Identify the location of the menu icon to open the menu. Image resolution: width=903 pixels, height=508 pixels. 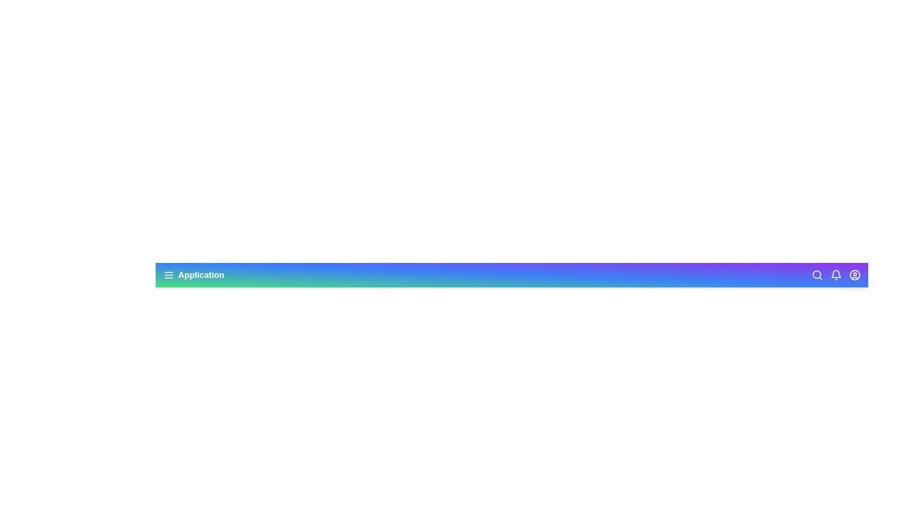
(169, 275).